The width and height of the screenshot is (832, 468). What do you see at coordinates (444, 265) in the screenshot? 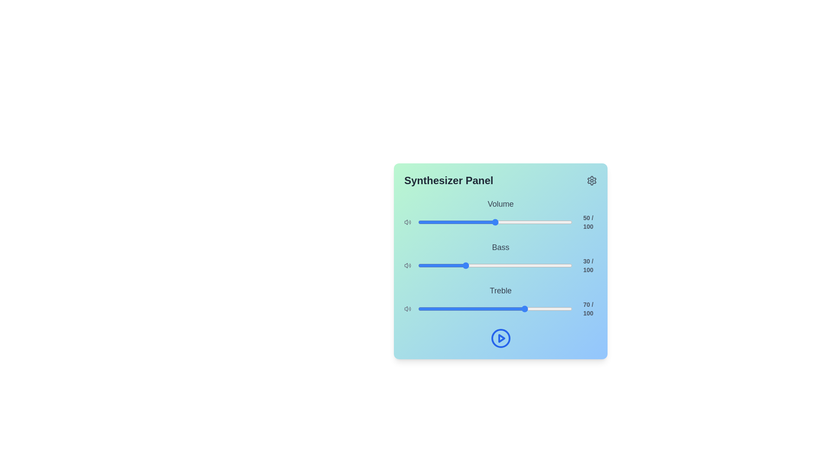
I see `the bass slider to set the bass level to 17` at bounding box center [444, 265].